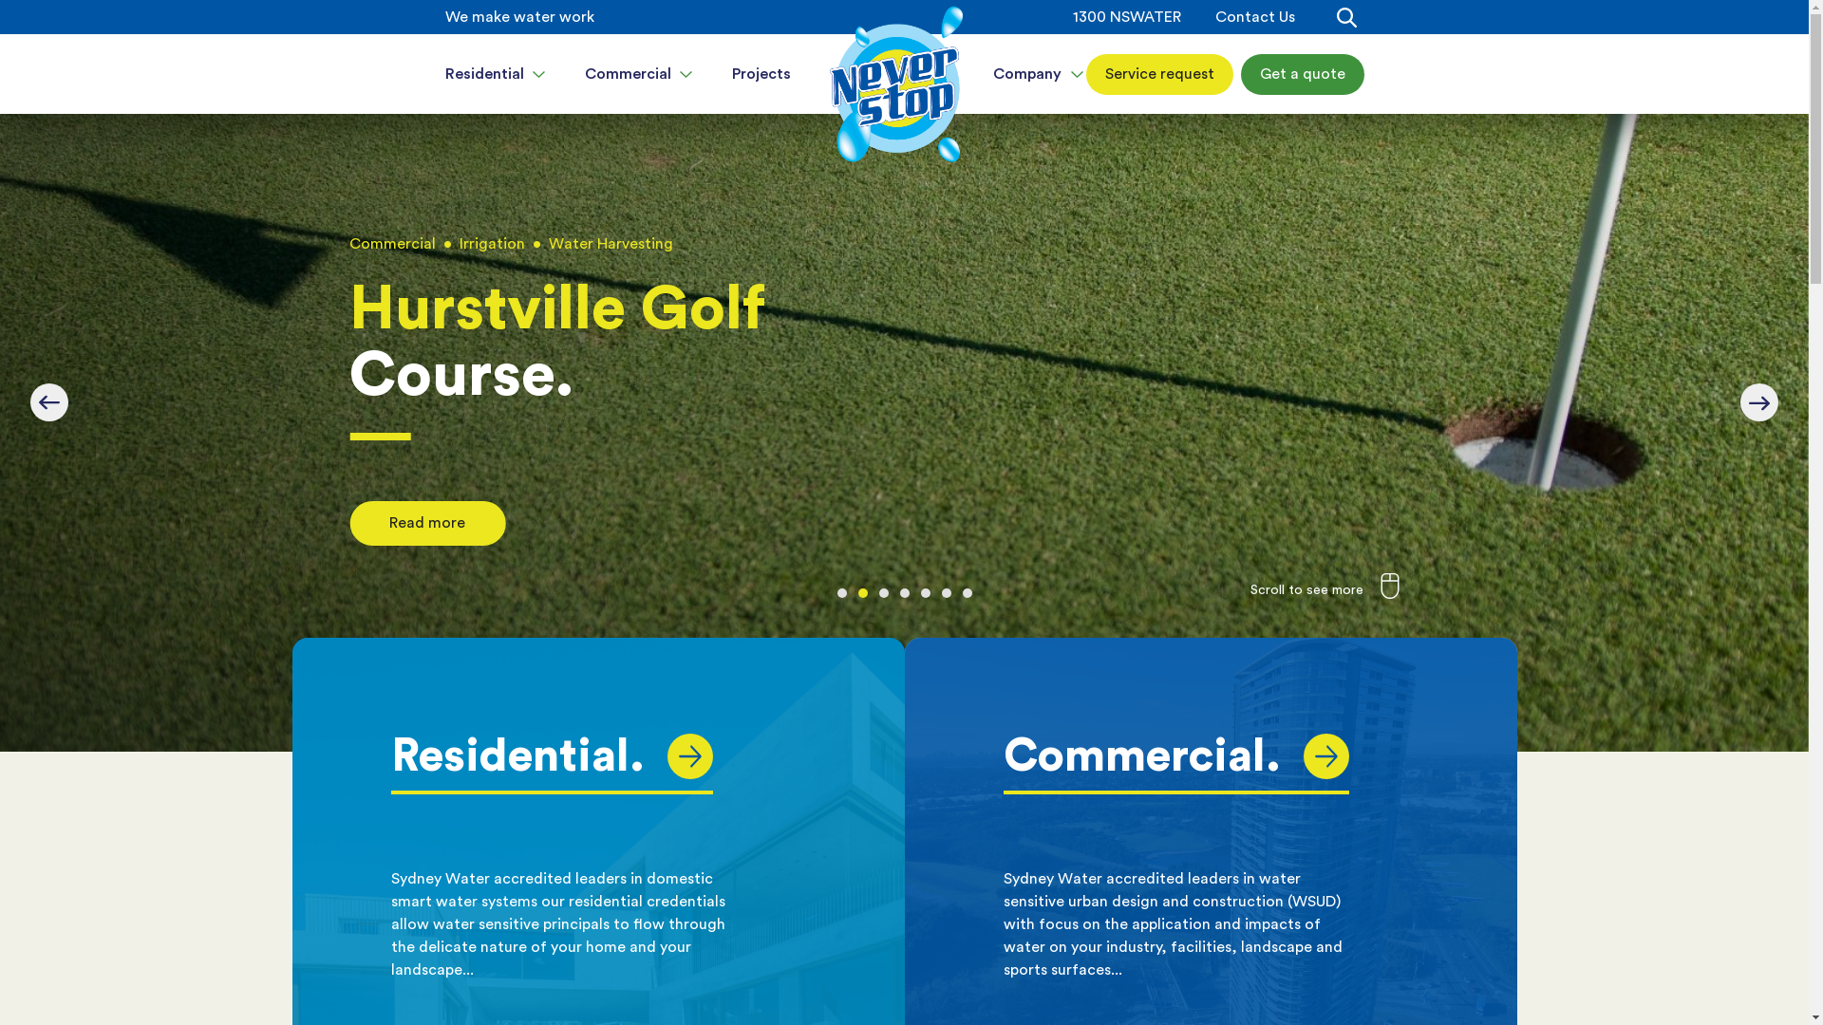  I want to click on 'Commercial', so click(639, 72).